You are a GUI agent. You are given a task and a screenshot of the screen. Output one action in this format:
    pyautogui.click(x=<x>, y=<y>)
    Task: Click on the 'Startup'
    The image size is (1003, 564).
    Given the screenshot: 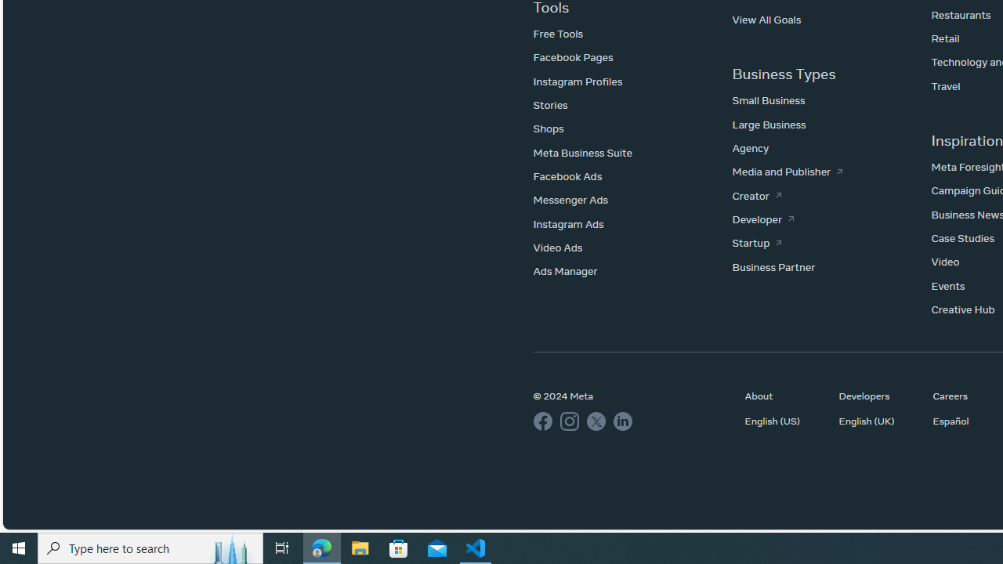 What is the action you would take?
    pyautogui.click(x=757, y=243)
    